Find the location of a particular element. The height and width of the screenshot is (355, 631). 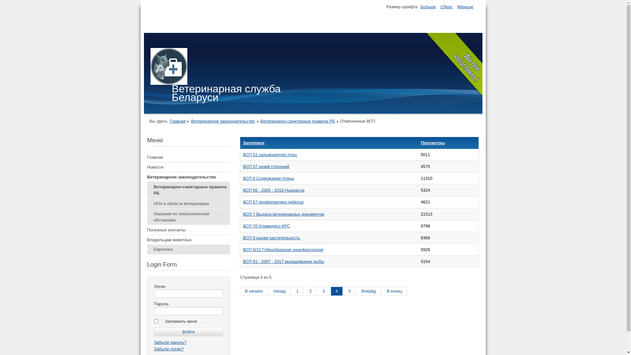

'3' is located at coordinates (317, 291).